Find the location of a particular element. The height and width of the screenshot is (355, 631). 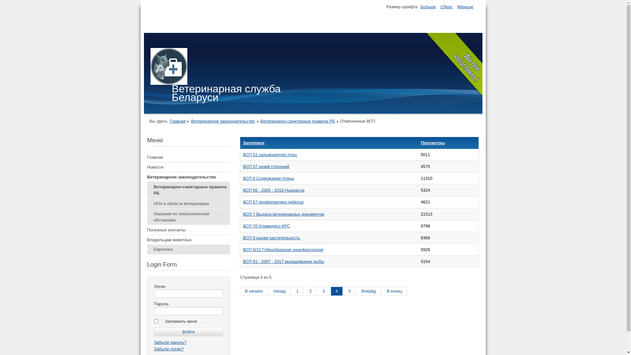

'3' is located at coordinates (317, 291).